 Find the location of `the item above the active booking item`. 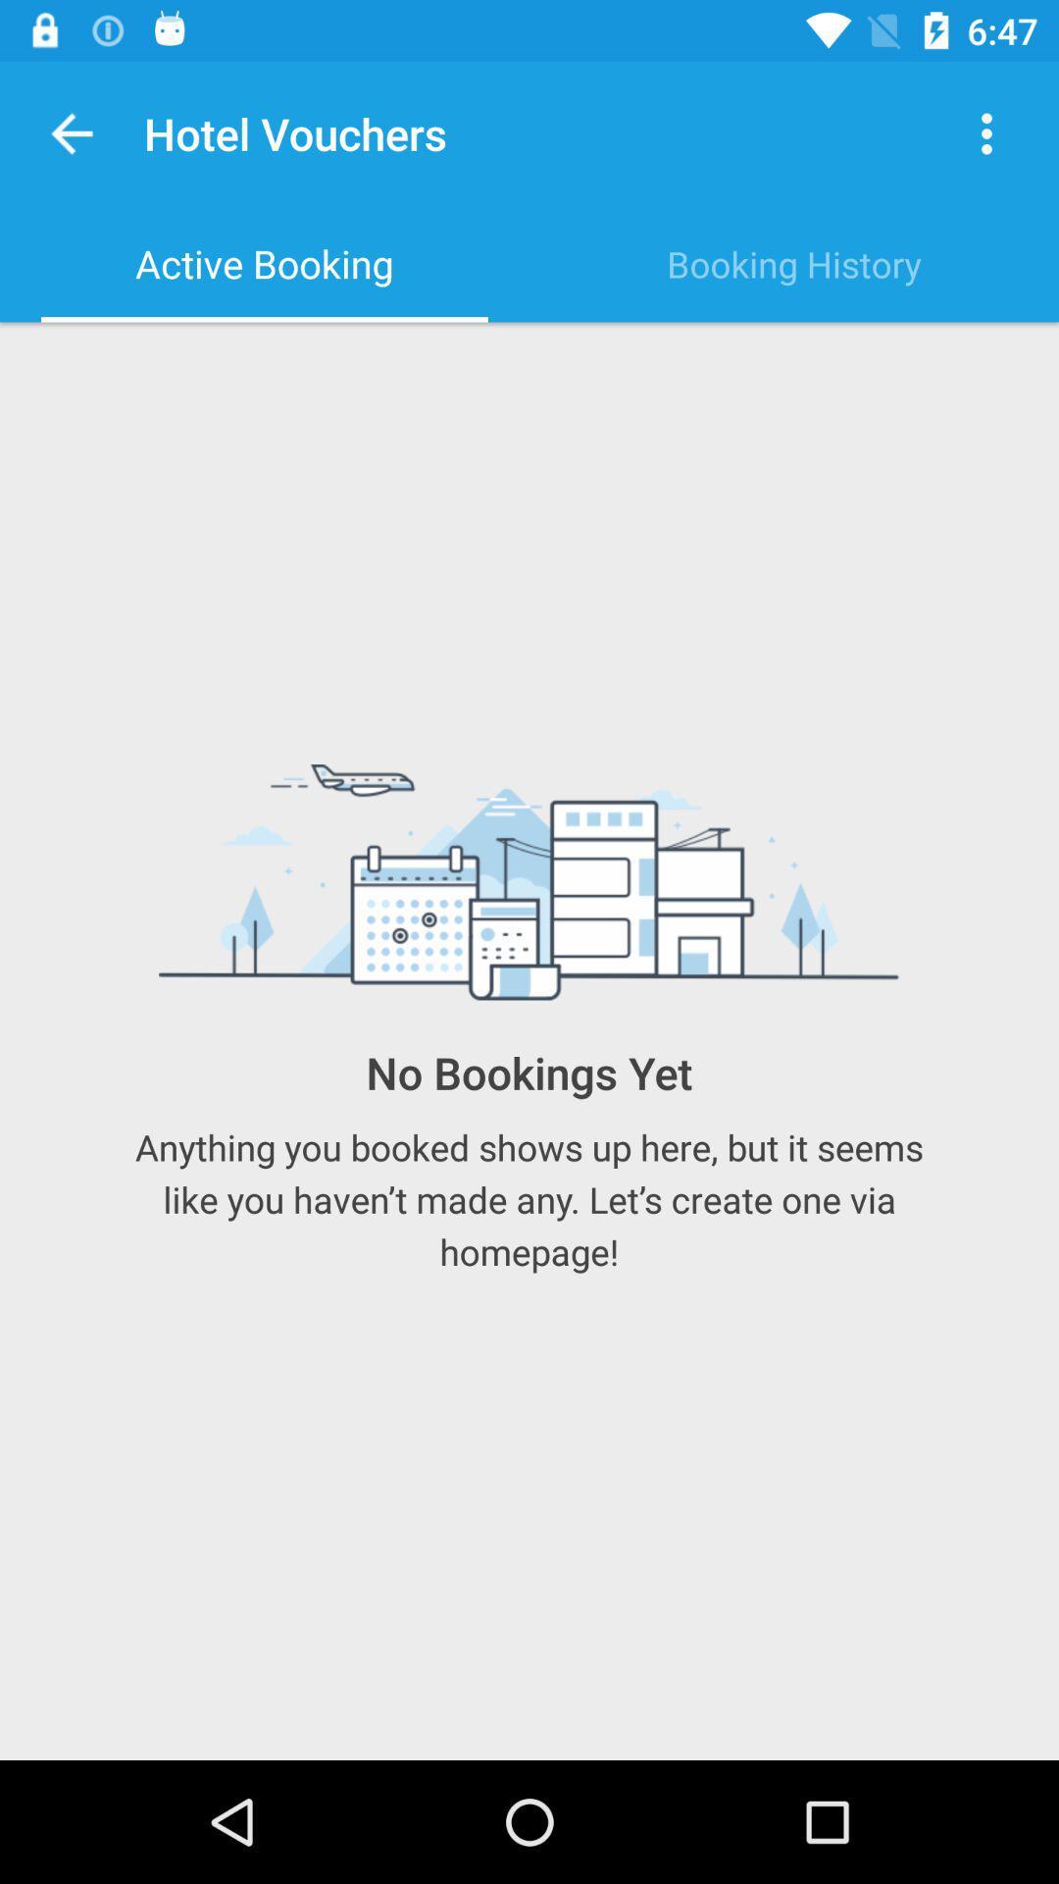

the item above the active booking item is located at coordinates (71, 132).